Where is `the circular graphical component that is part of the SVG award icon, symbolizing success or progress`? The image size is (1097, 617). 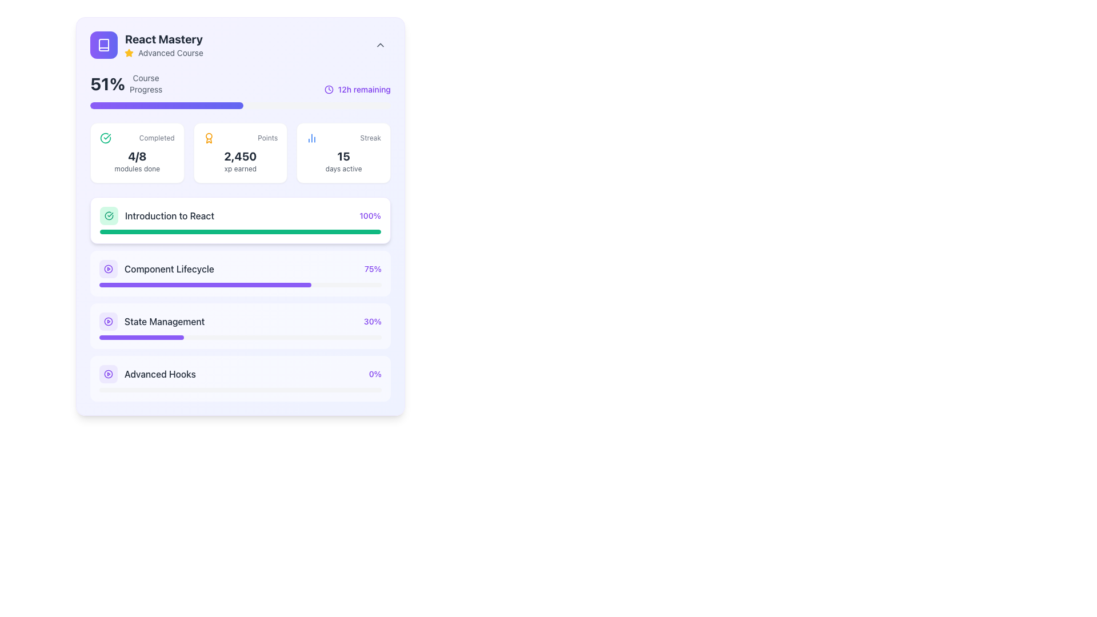 the circular graphical component that is part of the SVG award icon, symbolizing success or progress is located at coordinates (209, 135).